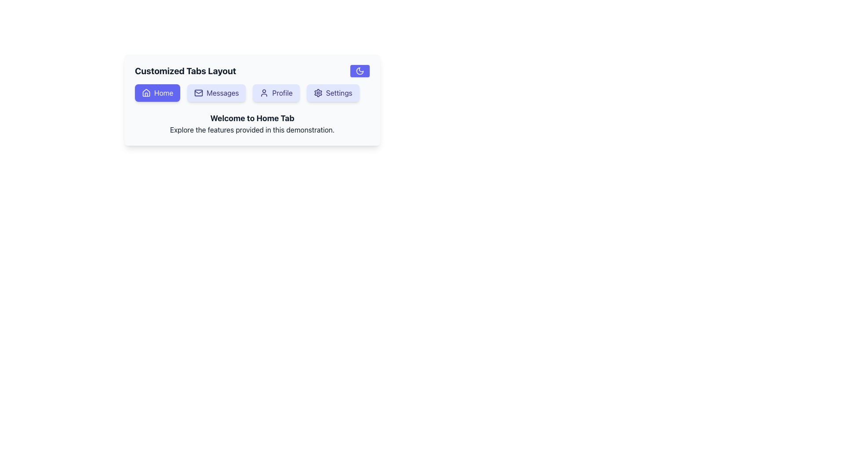 The image size is (844, 474). Describe the element at coordinates (157, 93) in the screenshot. I see `the Home button located at the top section of the interface` at that location.